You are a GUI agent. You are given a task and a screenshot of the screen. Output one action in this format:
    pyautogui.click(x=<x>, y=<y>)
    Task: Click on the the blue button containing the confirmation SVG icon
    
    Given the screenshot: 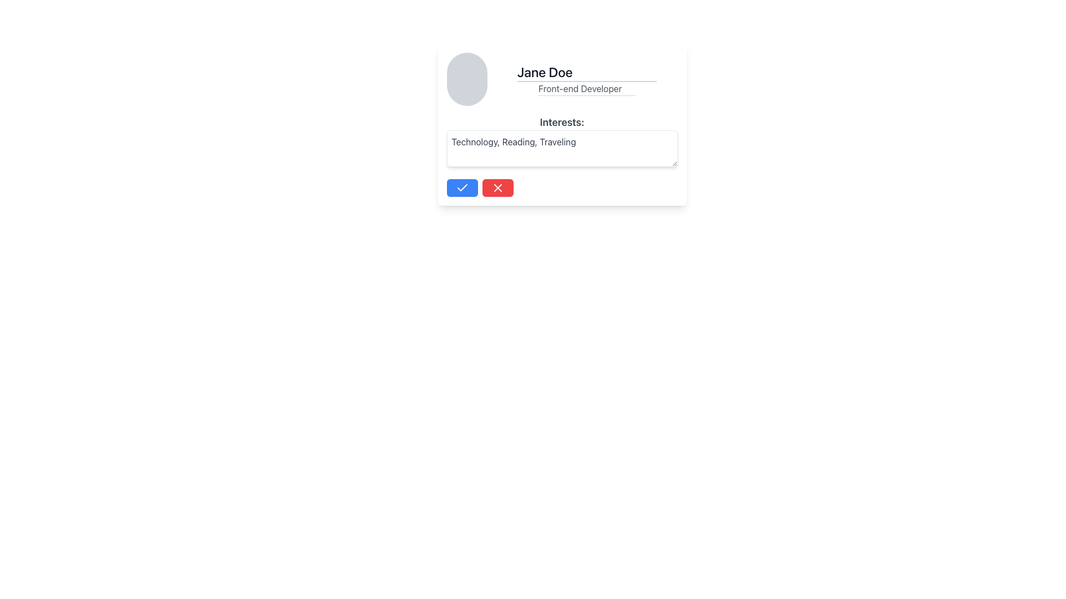 What is the action you would take?
    pyautogui.click(x=462, y=187)
    